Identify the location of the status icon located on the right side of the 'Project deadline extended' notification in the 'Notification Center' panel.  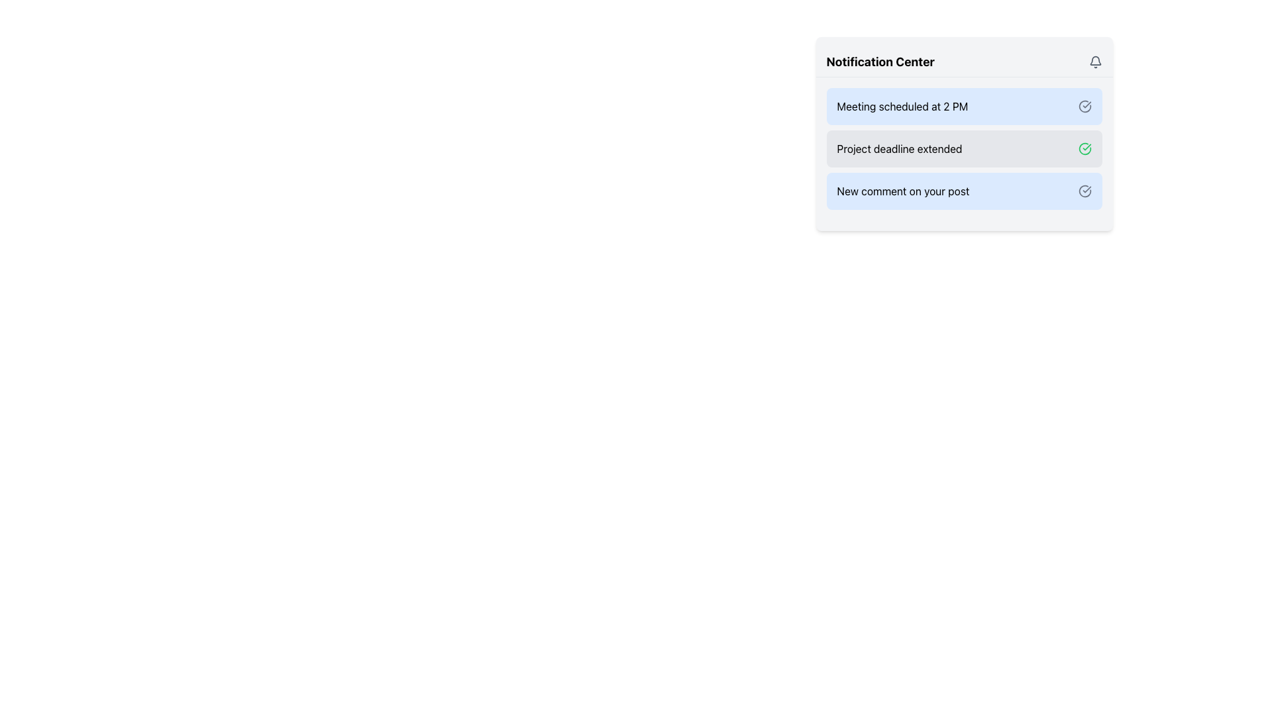
(1085, 148).